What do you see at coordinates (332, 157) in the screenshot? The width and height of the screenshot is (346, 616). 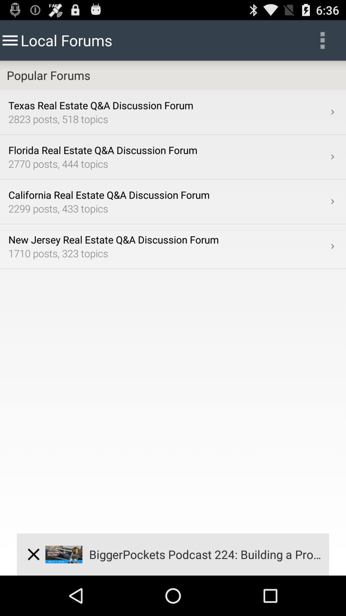 I see `item above california real estate` at bounding box center [332, 157].